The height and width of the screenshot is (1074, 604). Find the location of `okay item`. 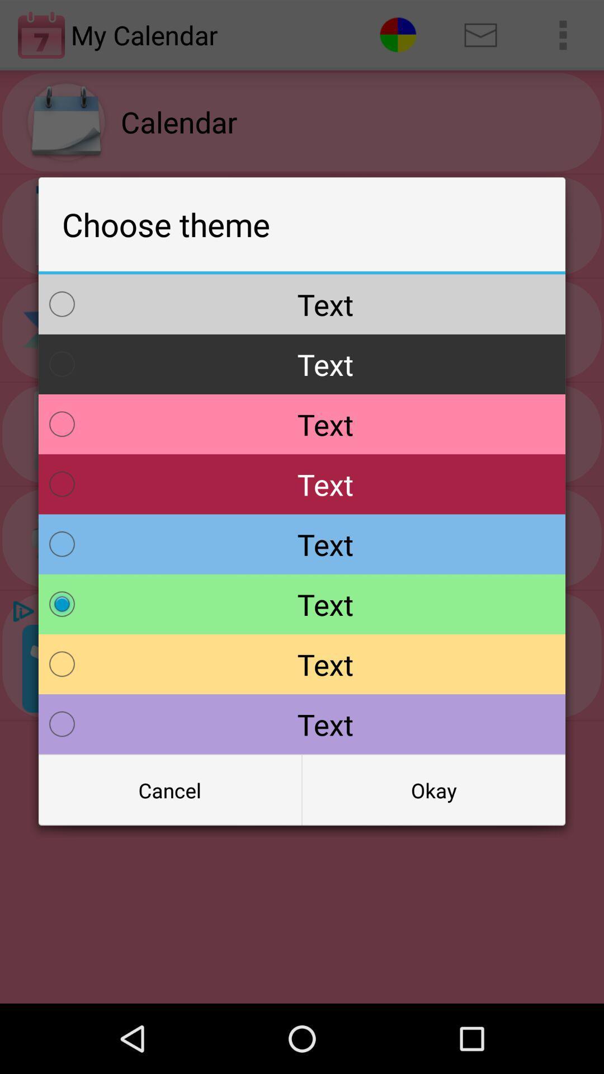

okay item is located at coordinates (433, 789).